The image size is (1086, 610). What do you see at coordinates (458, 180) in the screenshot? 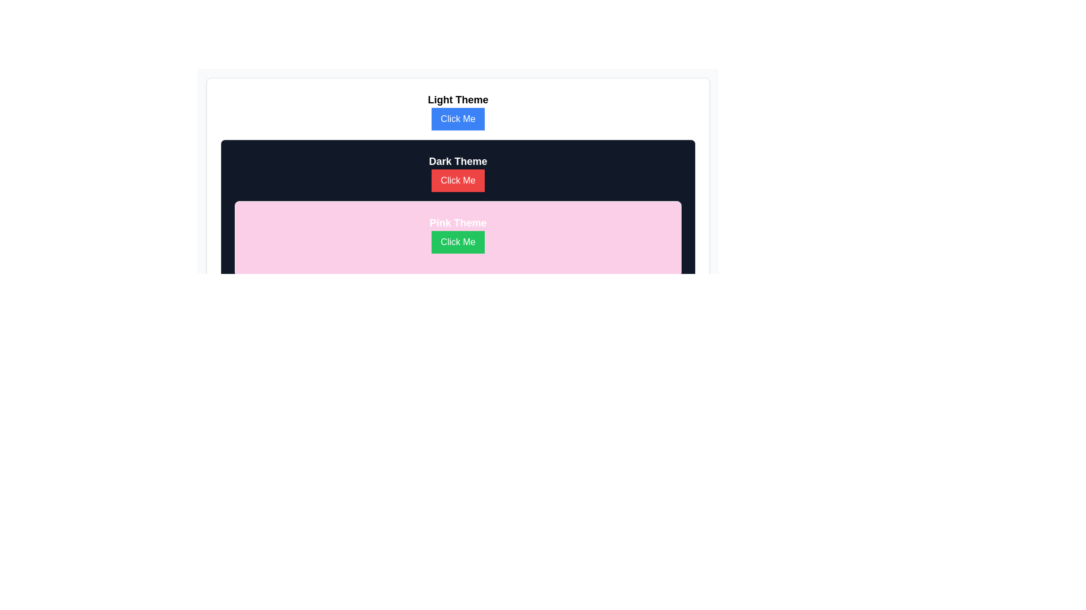
I see `the button located in the 'Dark Theme' section beneath the 'Dark Theme' text` at bounding box center [458, 180].